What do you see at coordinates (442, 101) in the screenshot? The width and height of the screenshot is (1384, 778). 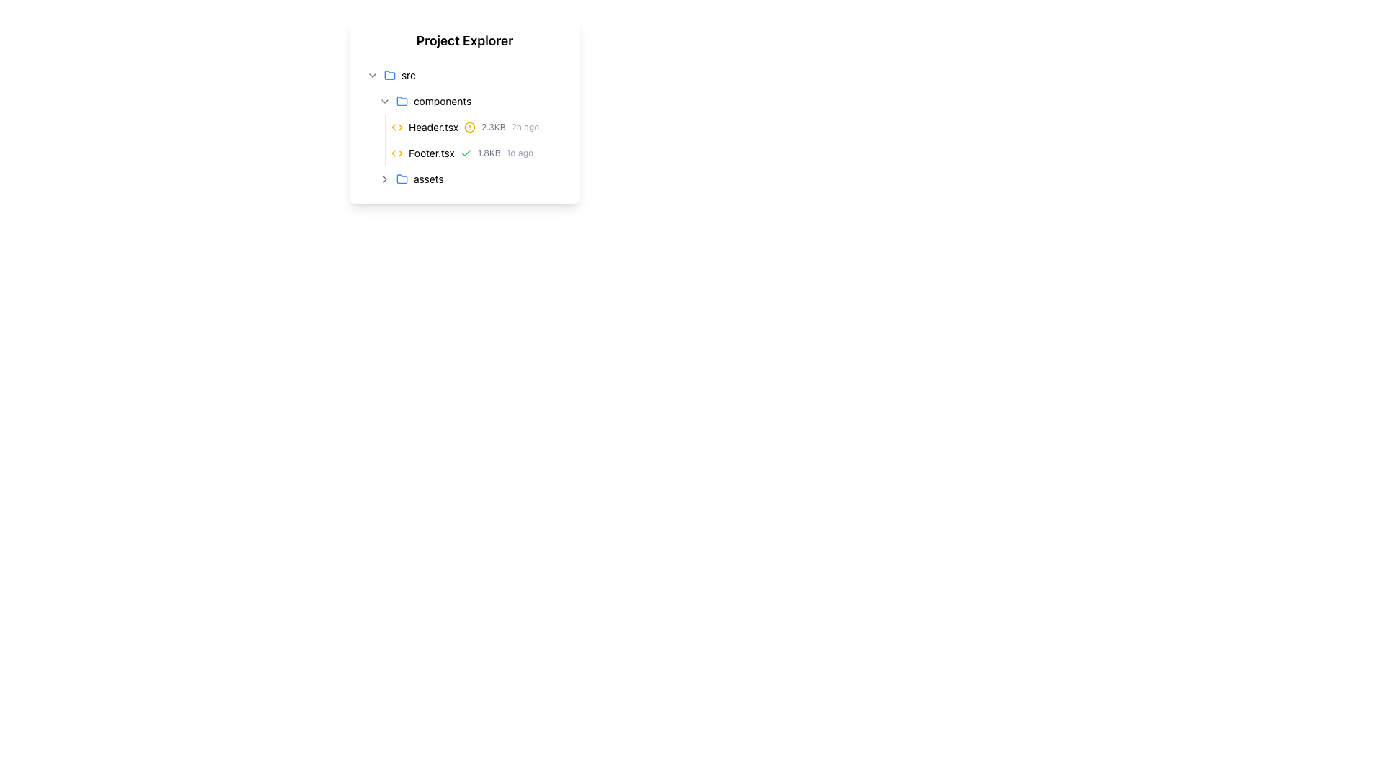 I see `the 'components' text label, which is styled with a small font size and is part of the Project Explorer navigation panel, located to the right of a folder icon` at bounding box center [442, 101].